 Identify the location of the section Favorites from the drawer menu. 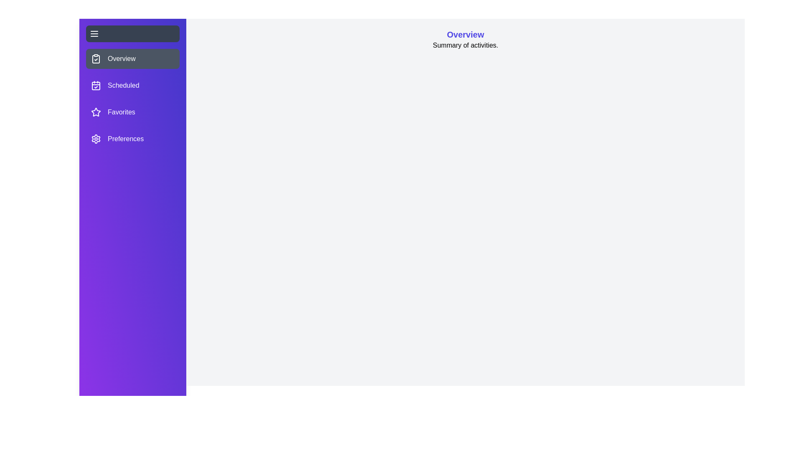
(132, 112).